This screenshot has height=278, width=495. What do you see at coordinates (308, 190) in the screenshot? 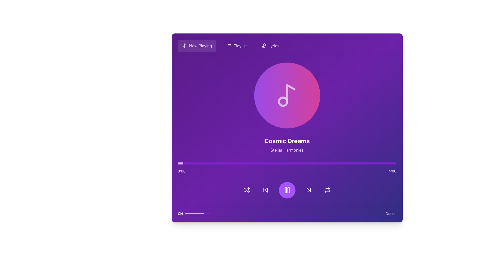
I see `the right-facing triangular arrow icon located in the bottom control panel` at bounding box center [308, 190].